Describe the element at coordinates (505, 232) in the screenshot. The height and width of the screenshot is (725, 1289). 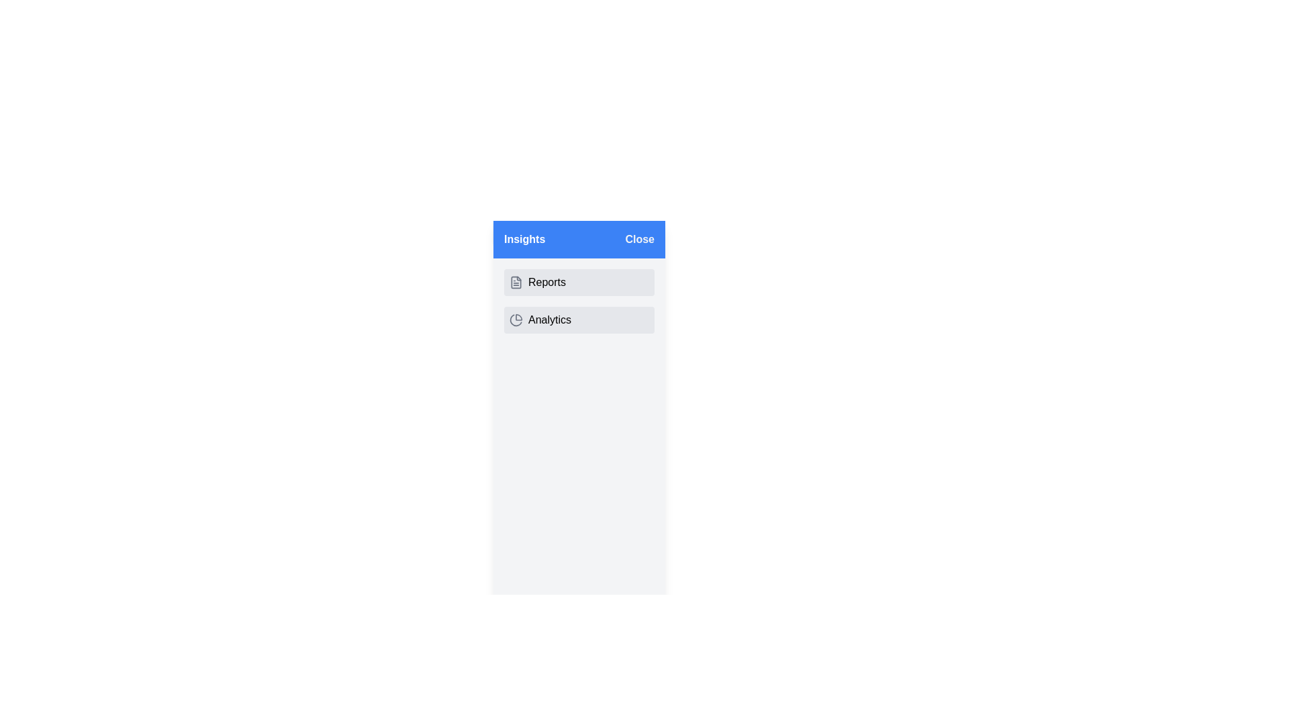
I see `the alignment icon located at the top-left corner of the interface, to the left of the text 'Insights'` at that location.